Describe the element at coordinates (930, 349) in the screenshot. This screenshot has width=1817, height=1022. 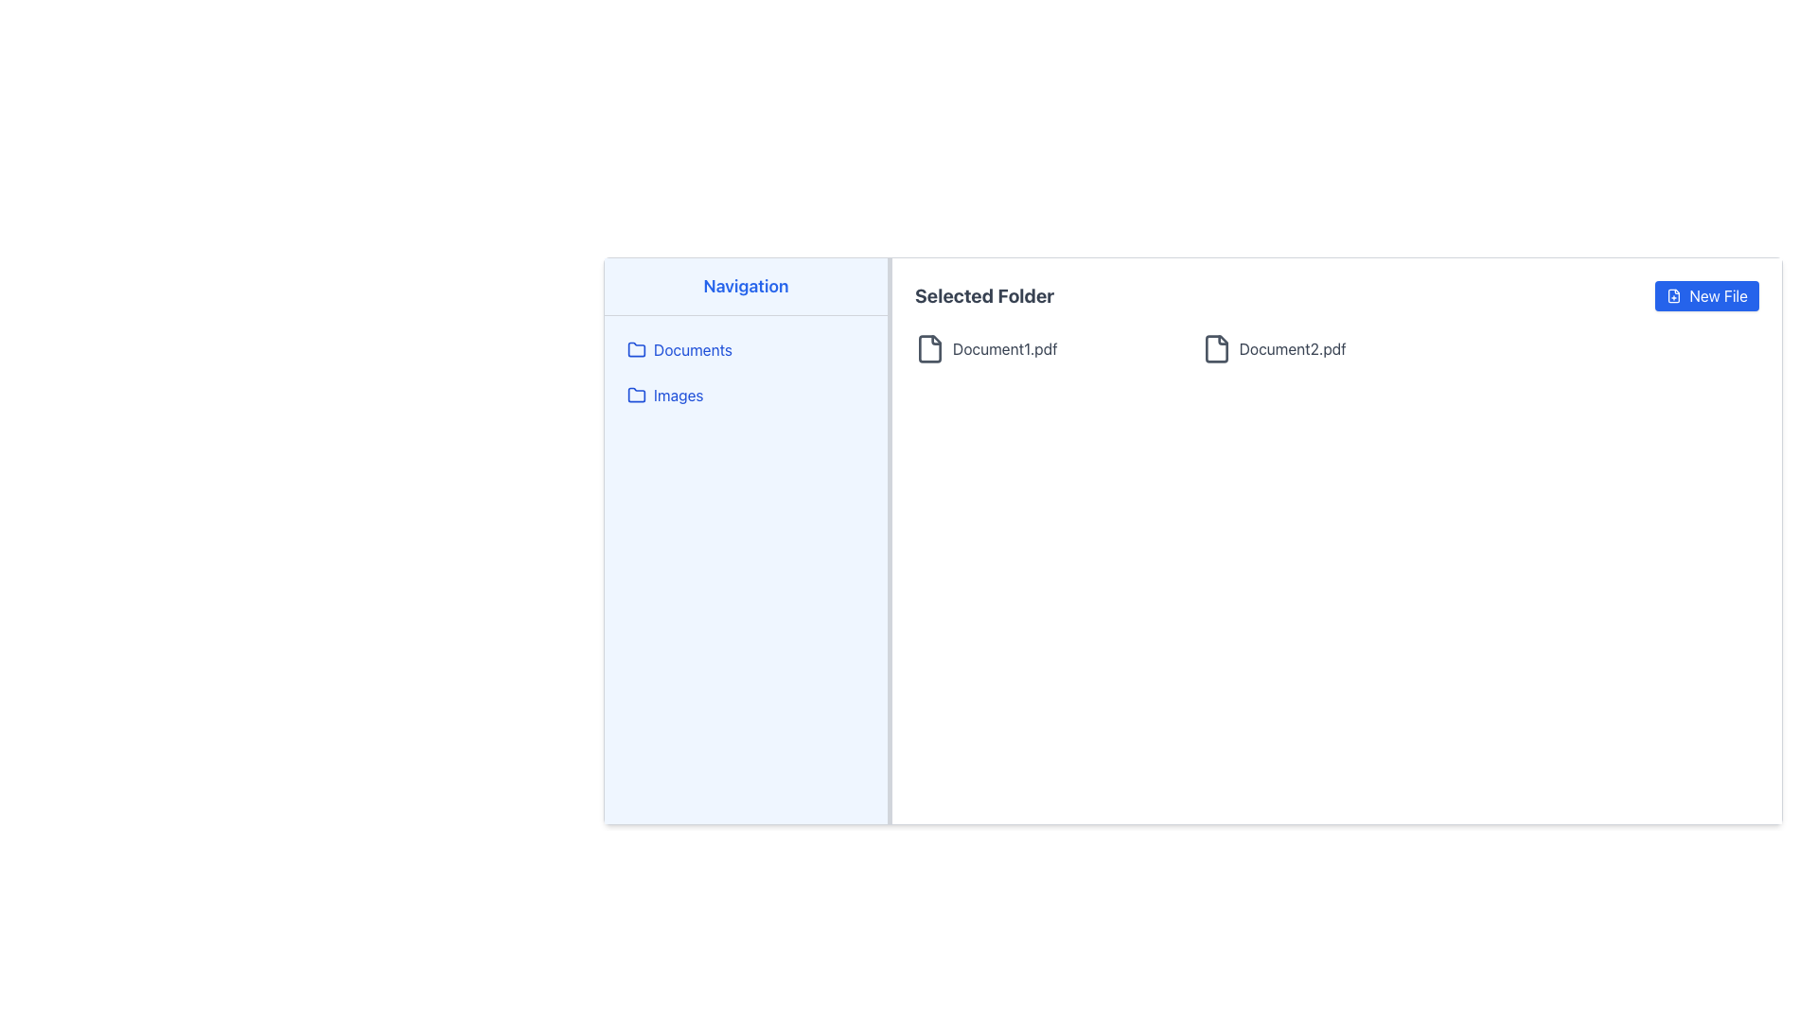
I see `the SVG Icon representing a document in the document view interface, which resembles a file sheet with a folded corner, located to the left of 'Document1.pdf'` at that location.